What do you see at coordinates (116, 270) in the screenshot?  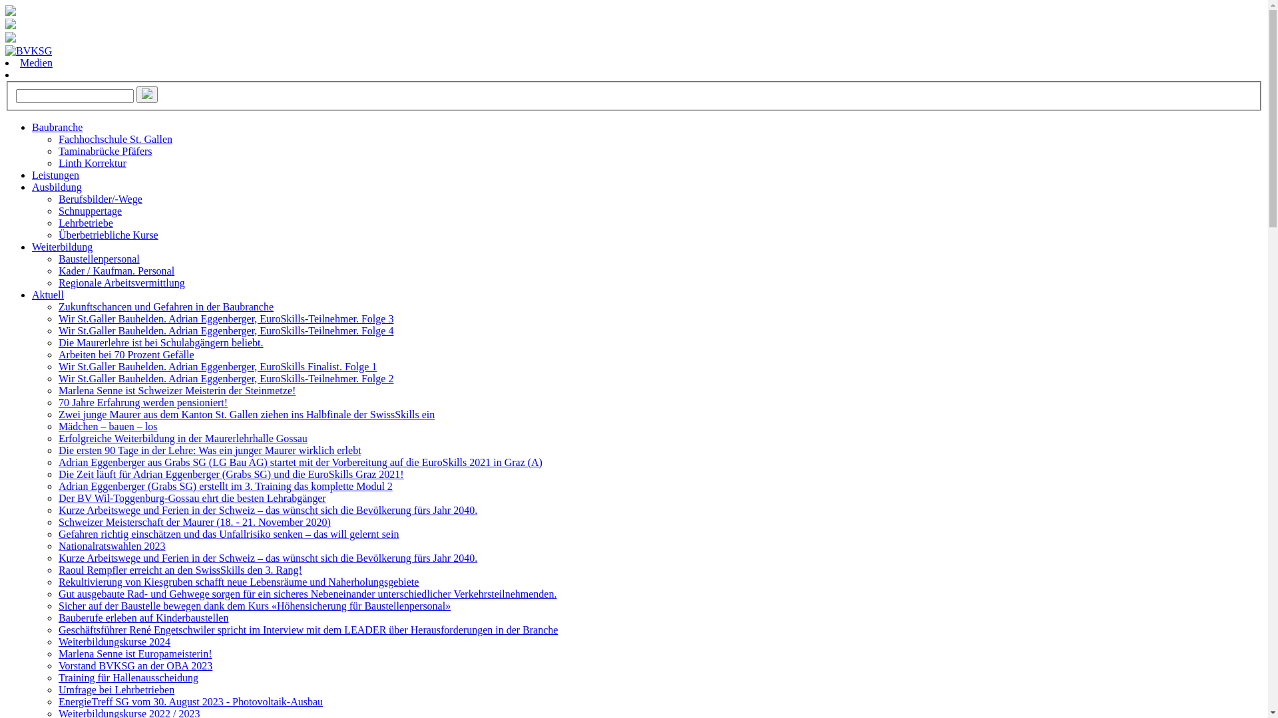 I see `'Kader / Kaufman. Personal'` at bounding box center [116, 270].